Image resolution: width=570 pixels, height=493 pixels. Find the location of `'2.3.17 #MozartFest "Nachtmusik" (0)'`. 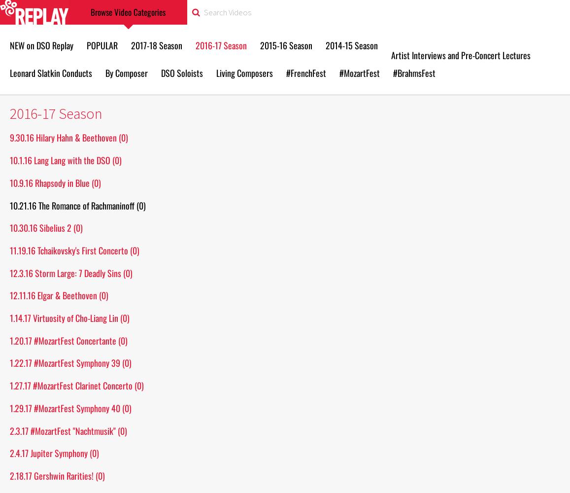

'2.3.17 #MozartFest "Nachtmusik" (0)' is located at coordinates (67, 430).